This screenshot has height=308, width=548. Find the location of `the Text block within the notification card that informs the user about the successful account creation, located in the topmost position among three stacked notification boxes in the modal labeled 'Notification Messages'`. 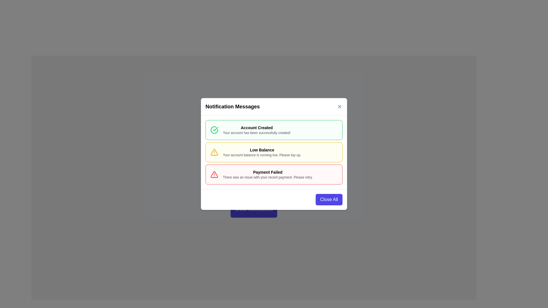

the Text block within the notification card that informs the user about the successful account creation, located in the topmost position among three stacked notification boxes in the modal labeled 'Notification Messages' is located at coordinates (256, 130).